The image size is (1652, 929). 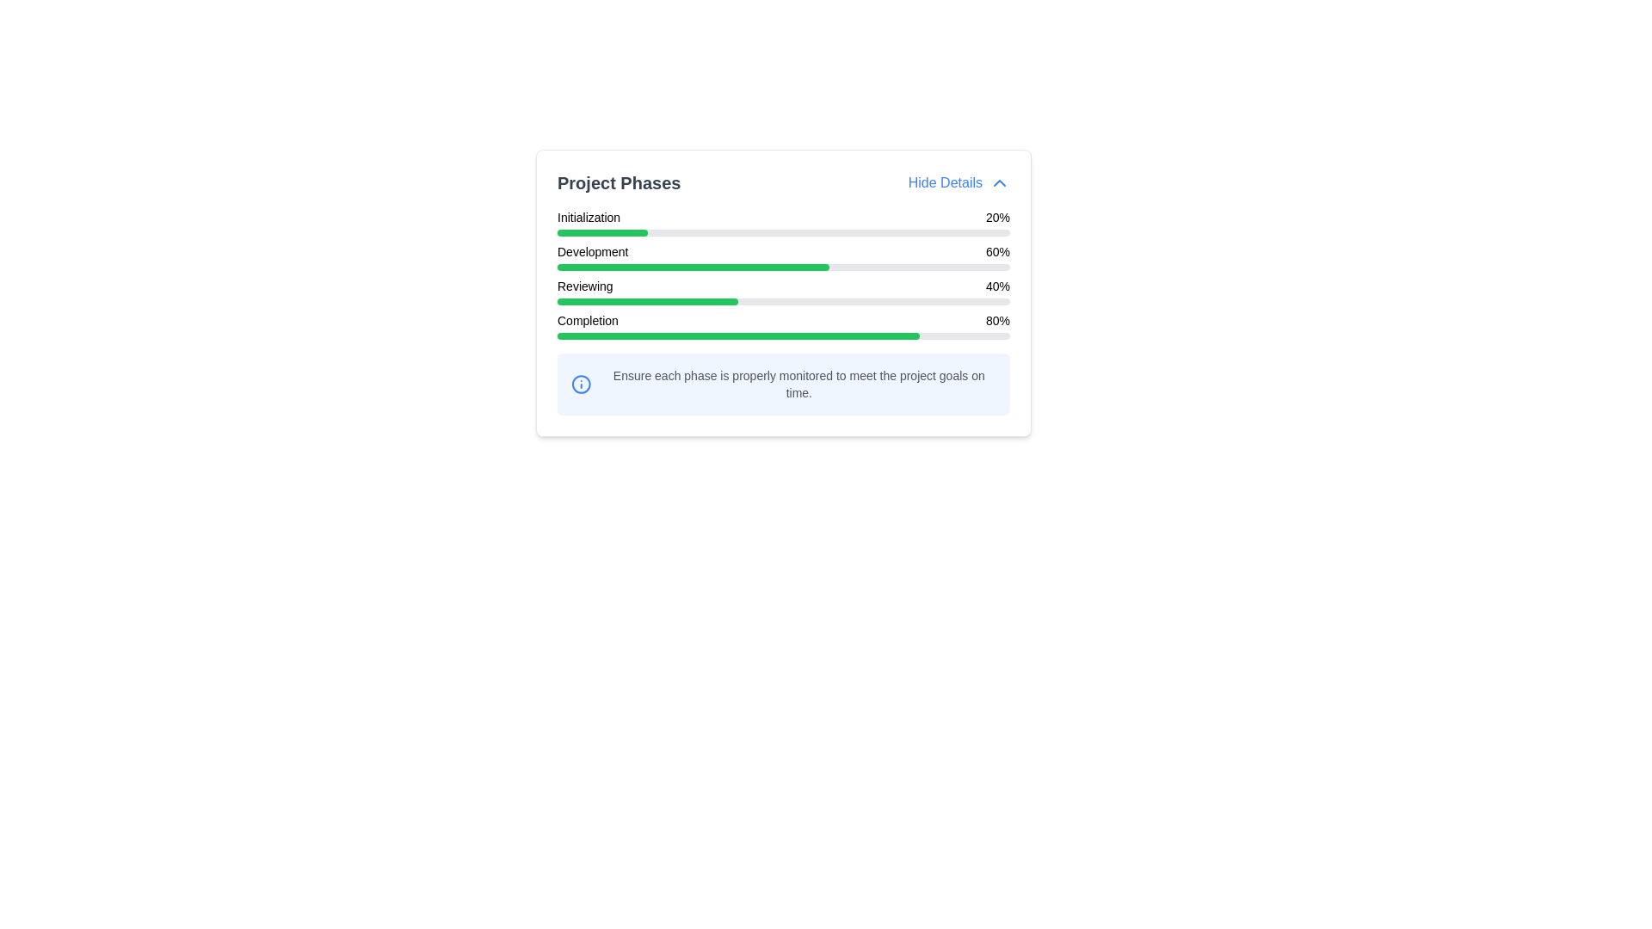 What do you see at coordinates (602, 232) in the screenshot?
I see `the green progress bar representing 20% completion located under the 'Initialization' label in the 'Project Phases' section` at bounding box center [602, 232].